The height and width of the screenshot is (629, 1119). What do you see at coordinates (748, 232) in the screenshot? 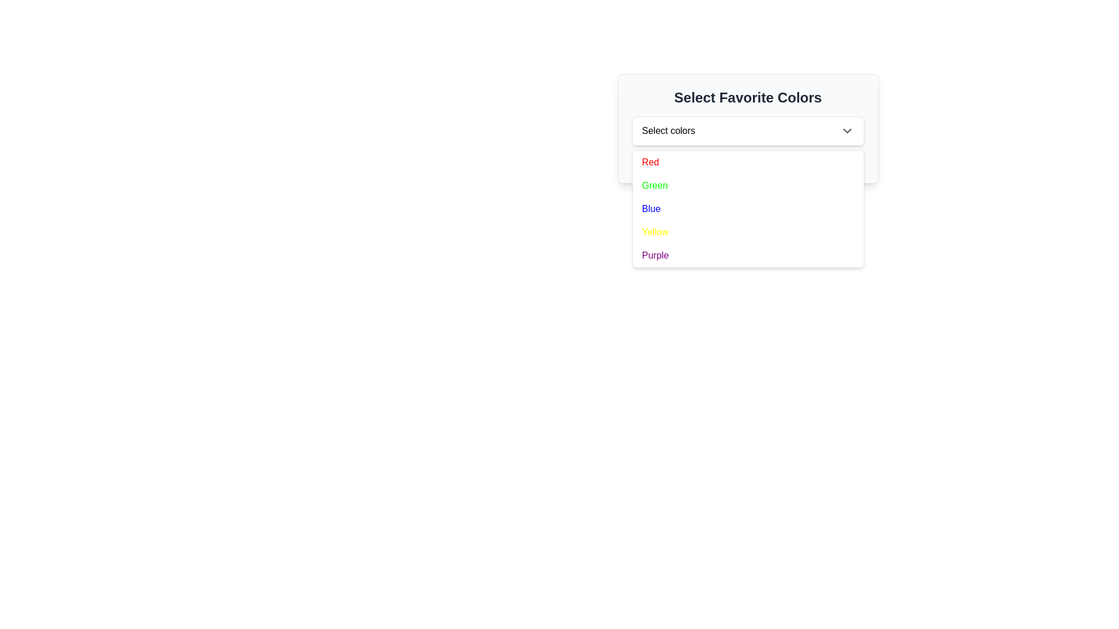
I see `the 'Yellow' color option in the dropdown menu` at bounding box center [748, 232].